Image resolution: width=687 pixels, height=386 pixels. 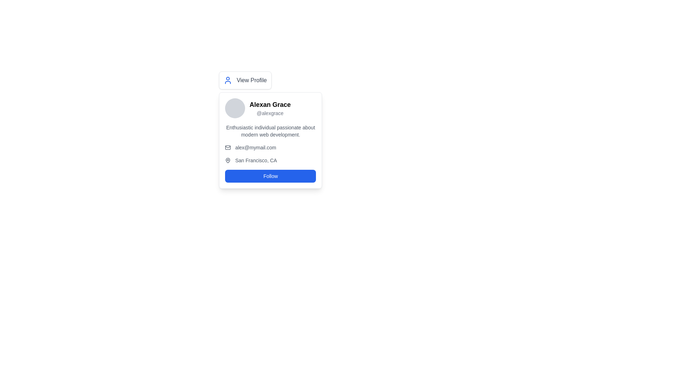 I want to click on the Text label displaying the user's email address, which is positioned to the right of an envelope icon within the user profile card, so click(x=255, y=147).